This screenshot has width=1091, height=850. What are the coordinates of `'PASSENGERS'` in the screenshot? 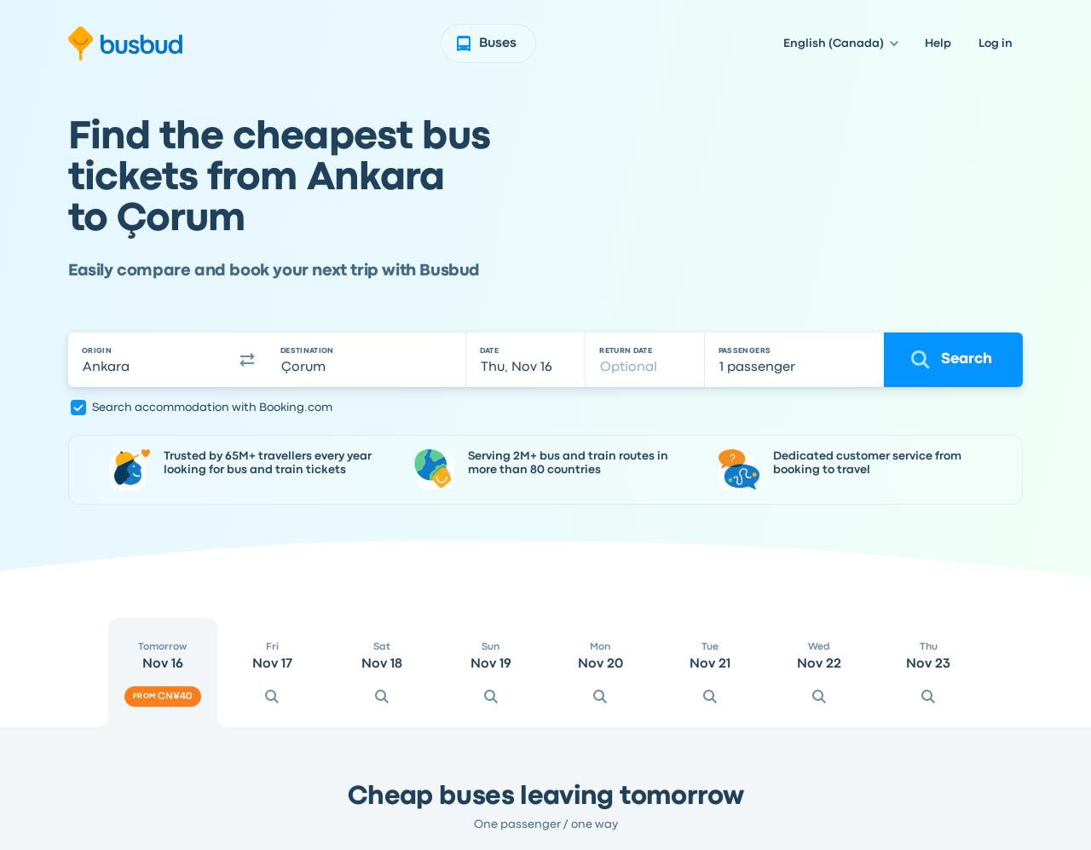 It's located at (743, 350).